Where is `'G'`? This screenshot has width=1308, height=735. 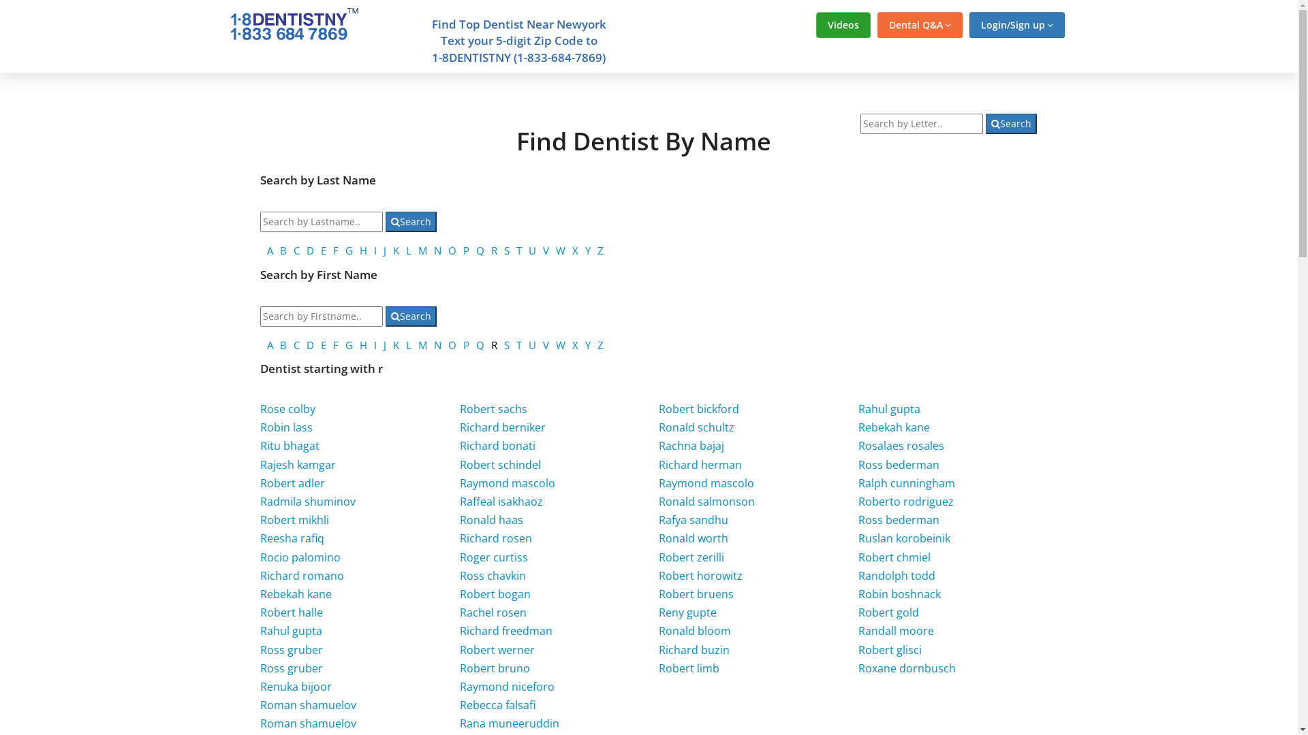
'G' is located at coordinates (349, 250).